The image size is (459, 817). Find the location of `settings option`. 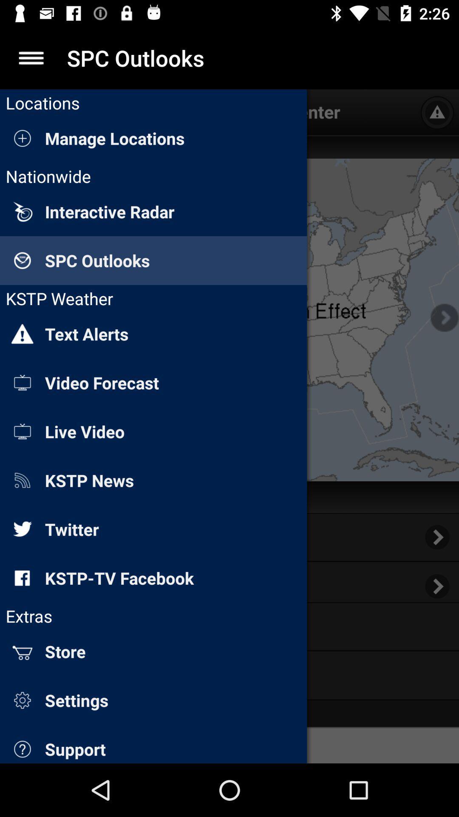

settings option is located at coordinates (31, 57).